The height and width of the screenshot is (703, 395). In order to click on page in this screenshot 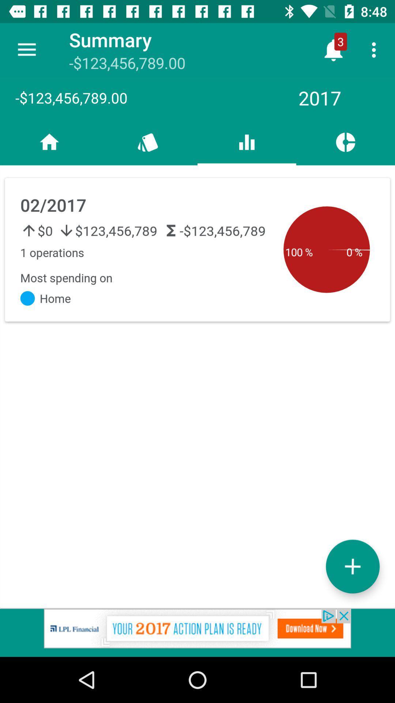, I will do `click(352, 566)`.